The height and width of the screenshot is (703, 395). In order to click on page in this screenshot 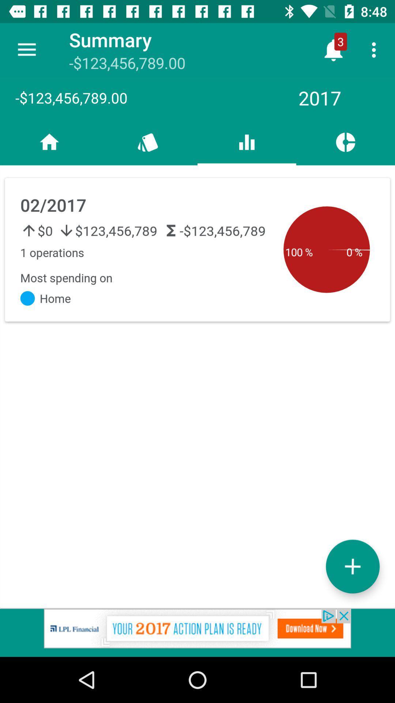, I will do `click(352, 566)`.